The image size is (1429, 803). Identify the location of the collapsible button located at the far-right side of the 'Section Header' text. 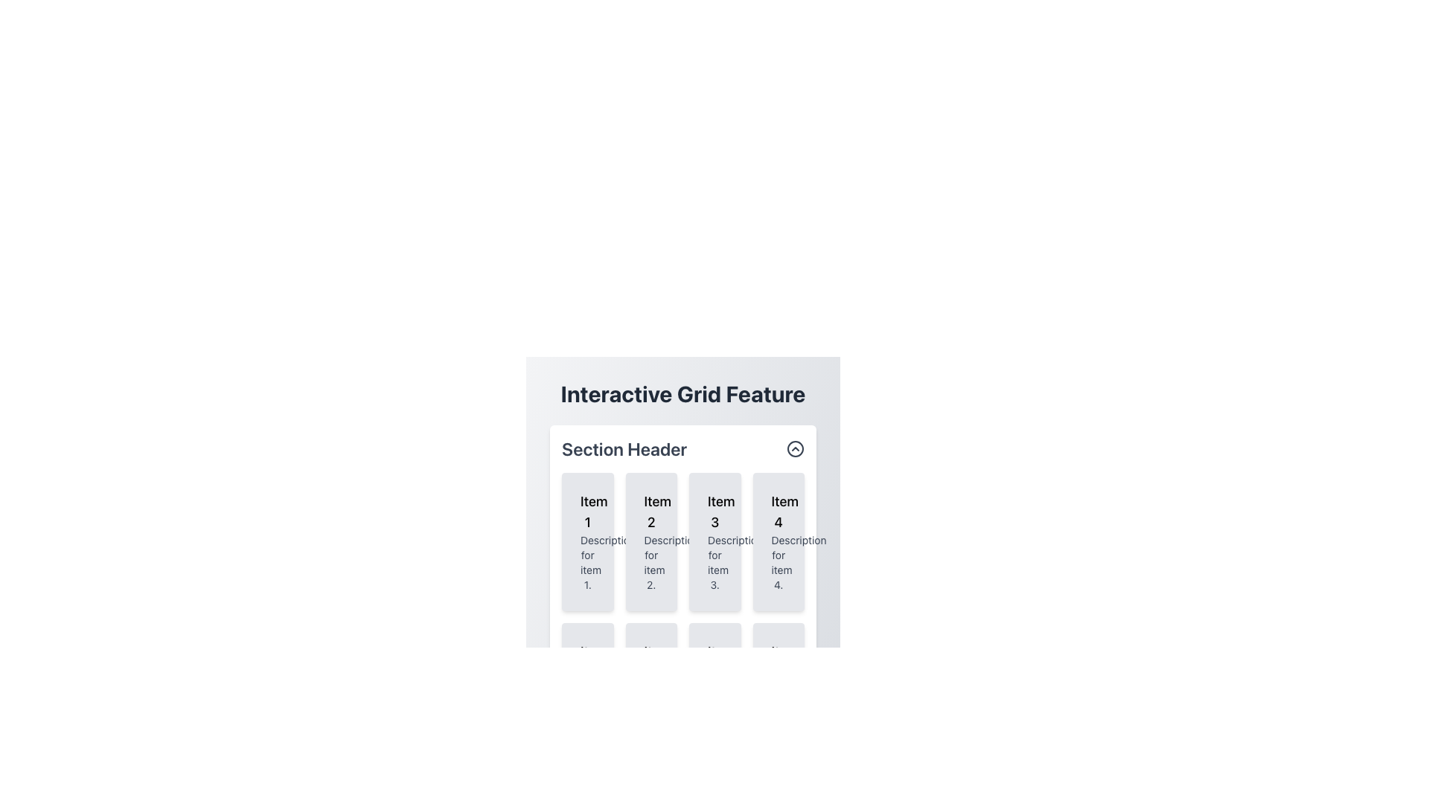
(795, 448).